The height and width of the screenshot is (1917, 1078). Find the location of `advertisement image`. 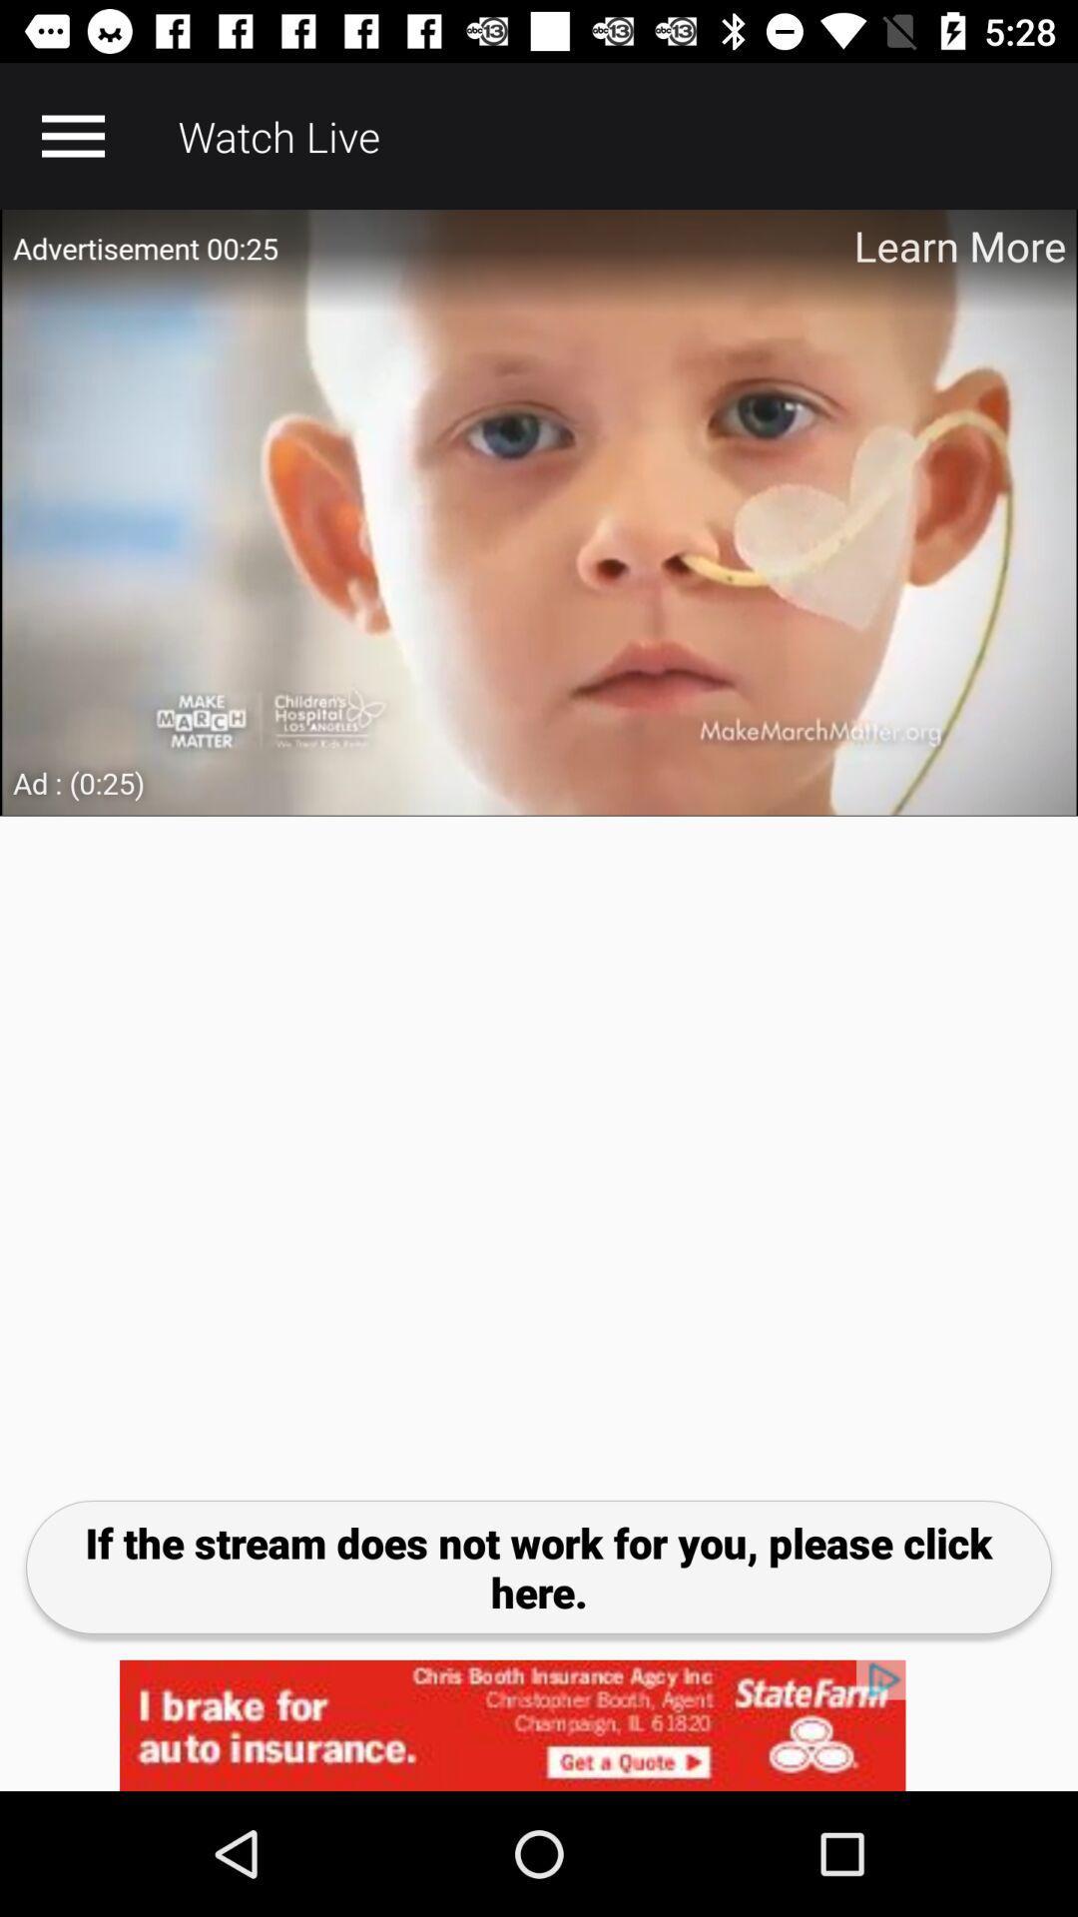

advertisement image is located at coordinates (539, 512).